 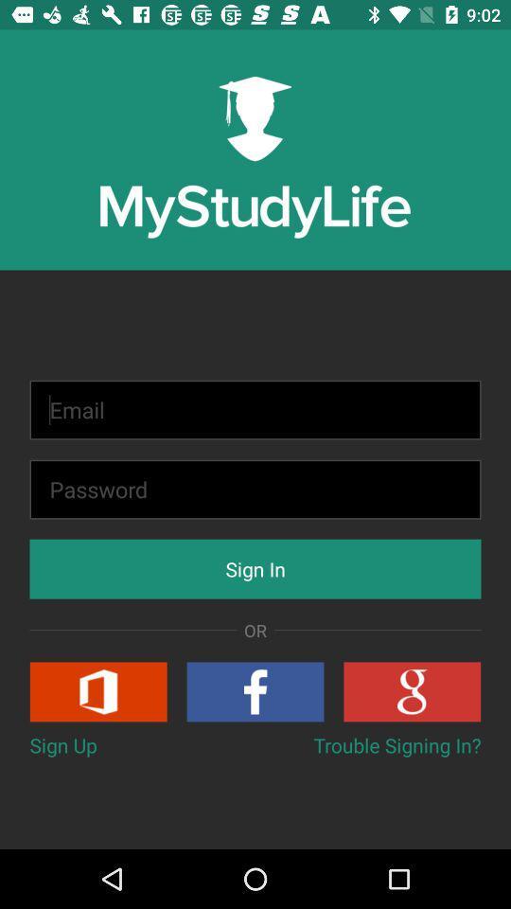 What do you see at coordinates (396, 745) in the screenshot?
I see `trouble signing in? item` at bounding box center [396, 745].